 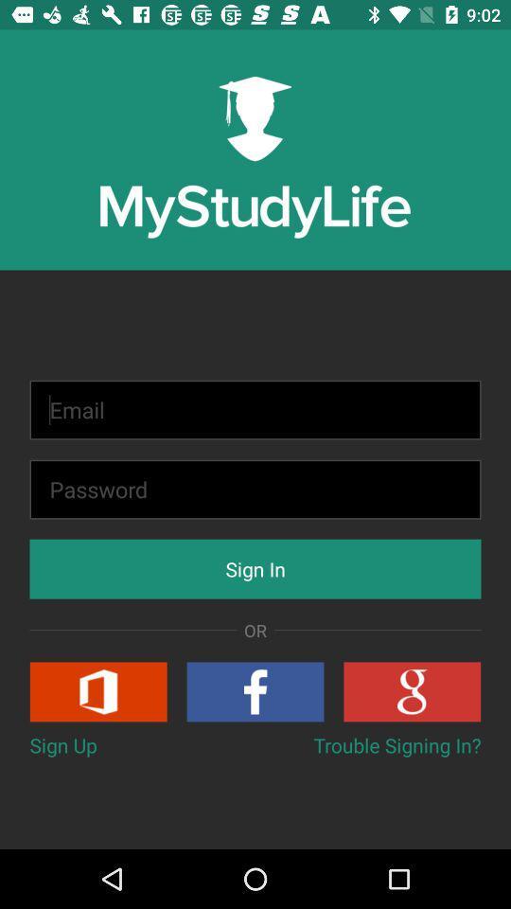 What do you see at coordinates (396, 745) in the screenshot?
I see `trouble signing in? item` at bounding box center [396, 745].